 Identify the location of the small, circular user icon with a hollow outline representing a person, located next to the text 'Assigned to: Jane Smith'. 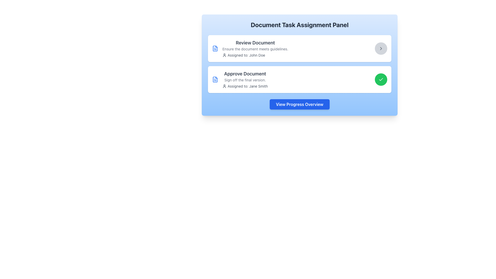
(224, 86).